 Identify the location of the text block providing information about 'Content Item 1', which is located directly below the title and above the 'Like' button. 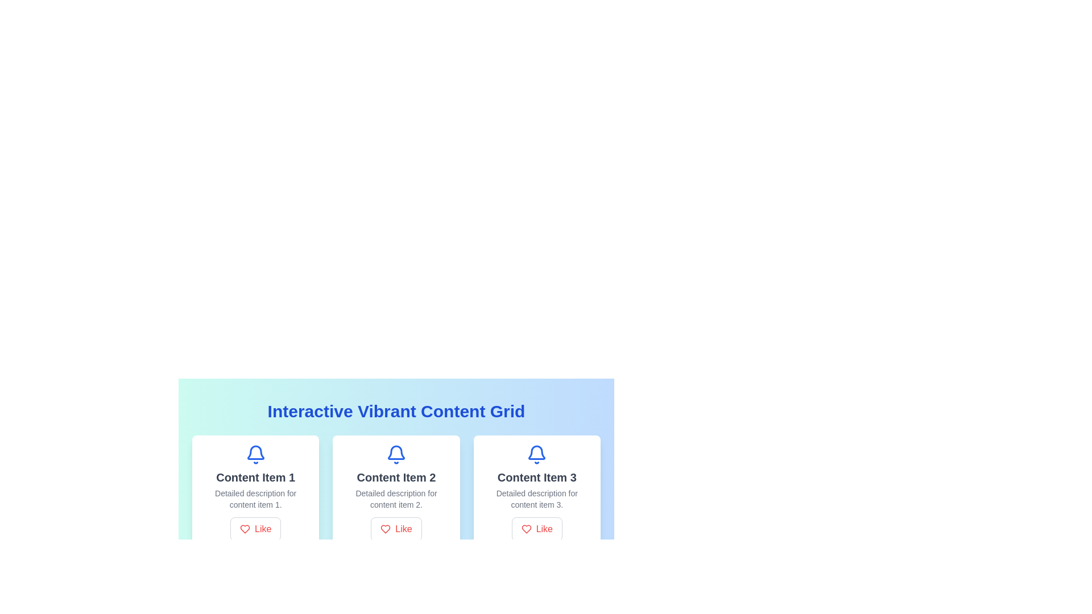
(255, 499).